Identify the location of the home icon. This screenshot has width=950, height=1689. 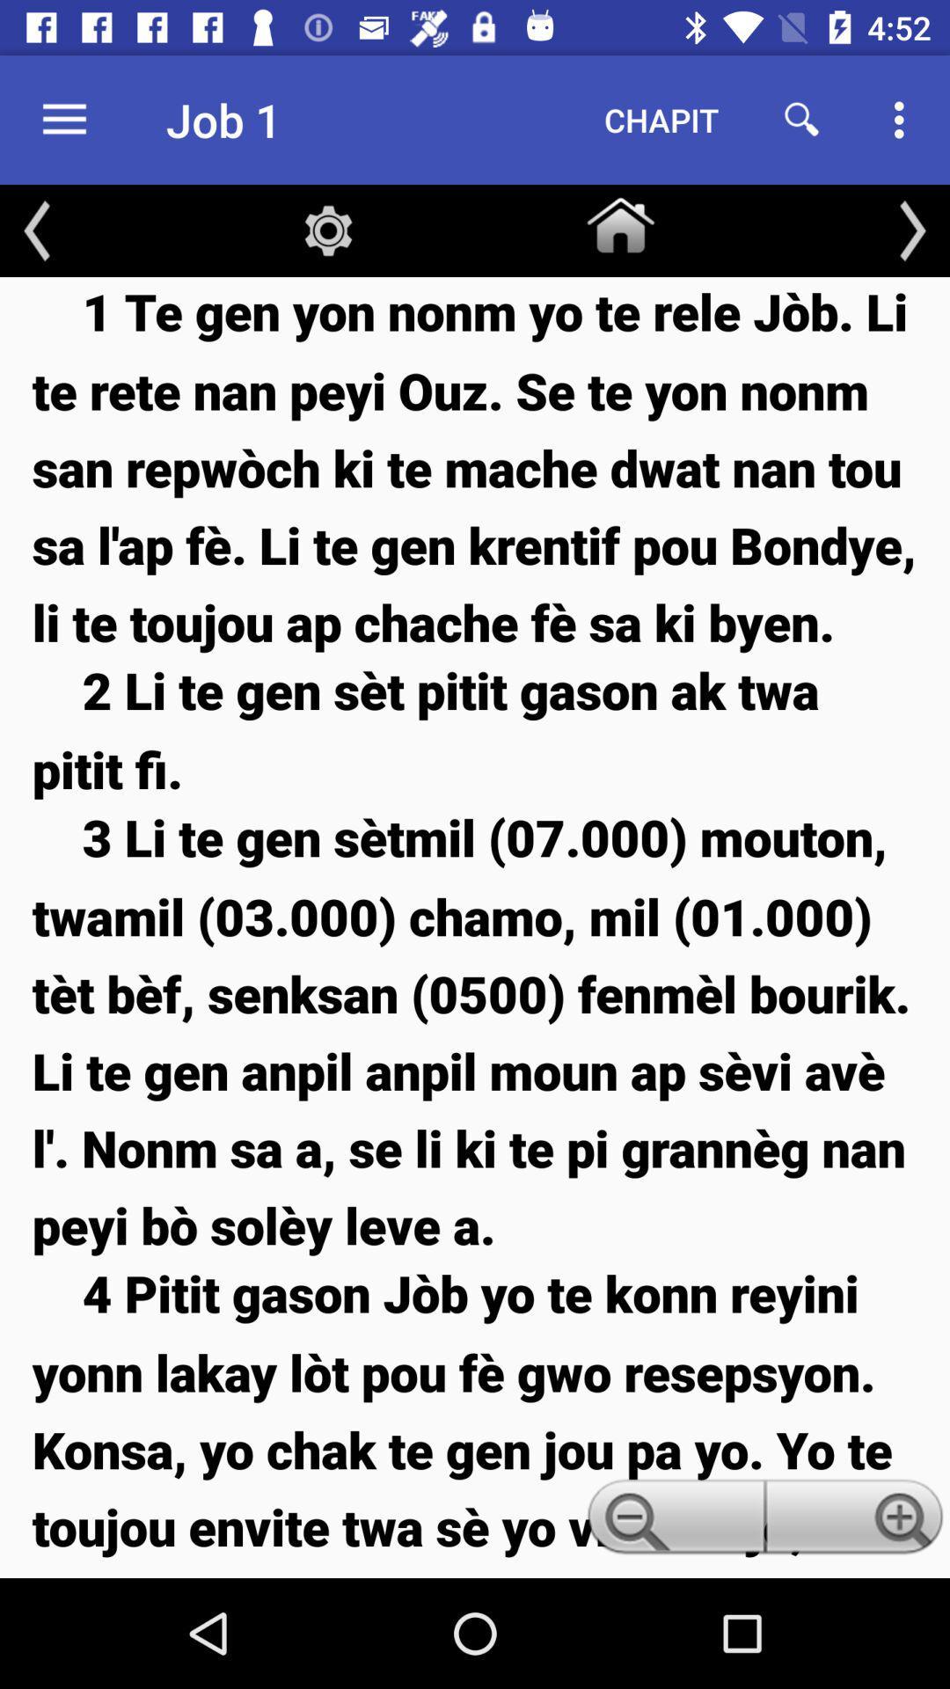
(619, 221).